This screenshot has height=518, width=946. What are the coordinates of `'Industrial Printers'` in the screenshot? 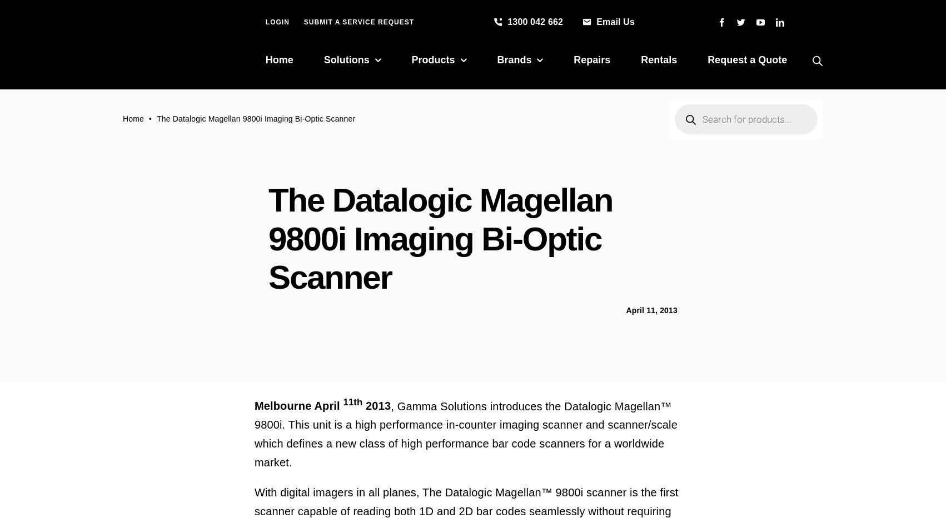 It's located at (570, 173).